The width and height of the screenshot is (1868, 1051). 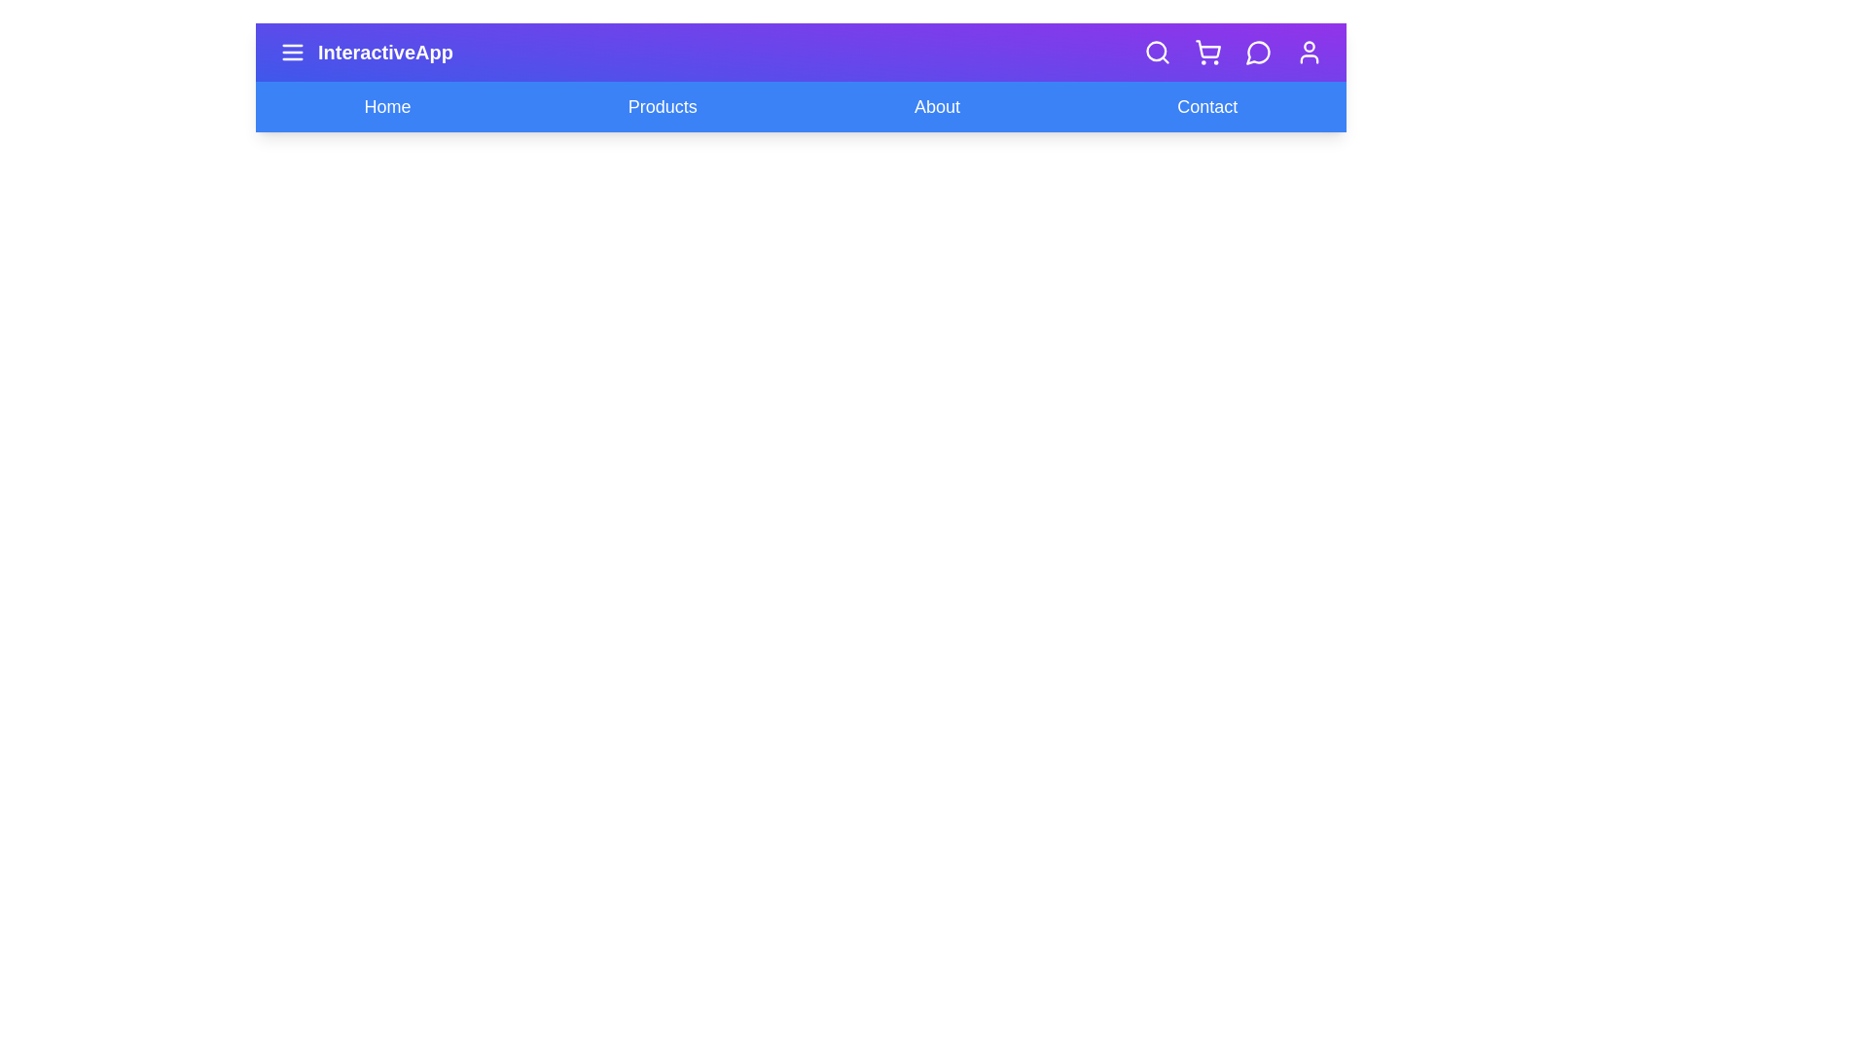 I want to click on the specified icon button: shopping_cart, so click(x=1207, y=52).